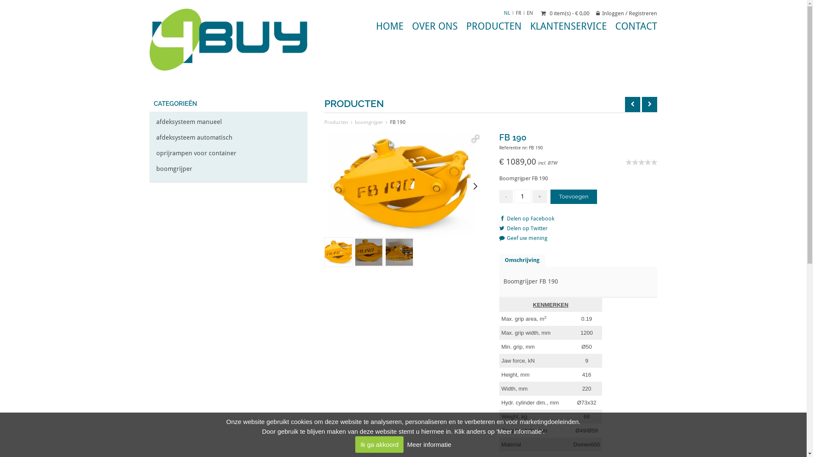 The height and width of the screenshot is (457, 813). Describe the element at coordinates (523, 238) in the screenshot. I see `'Geef uw mening'` at that location.